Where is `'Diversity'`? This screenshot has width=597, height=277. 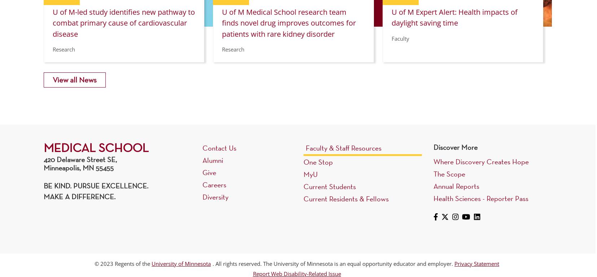 'Diversity' is located at coordinates (215, 196).